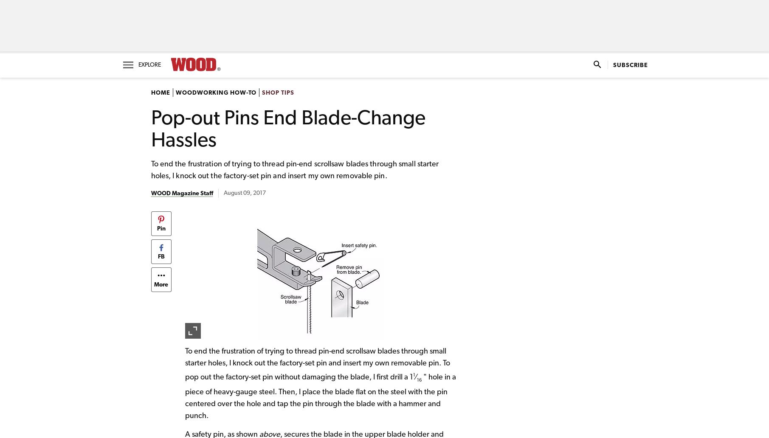 The image size is (769, 438). I want to click on 'Shop Tips', so click(277, 92).